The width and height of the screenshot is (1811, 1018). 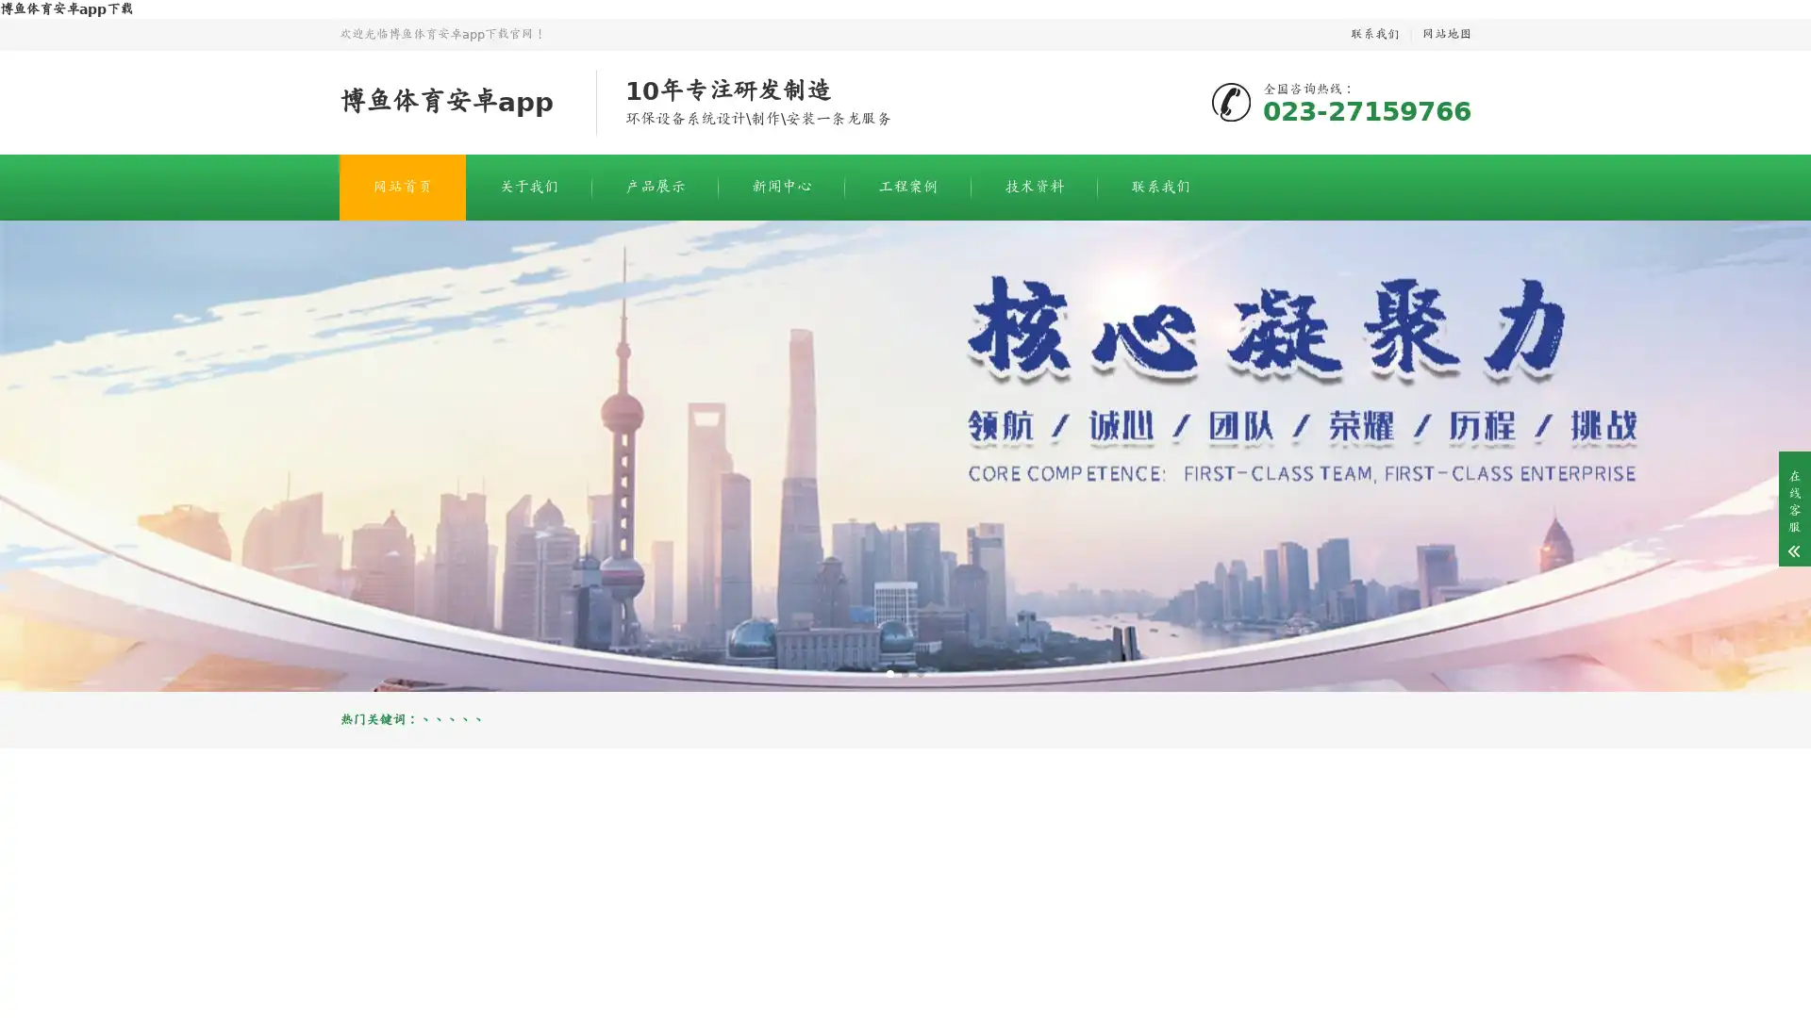 What do you see at coordinates (920, 672) in the screenshot?
I see `Go to slide 3` at bounding box center [920, 672].